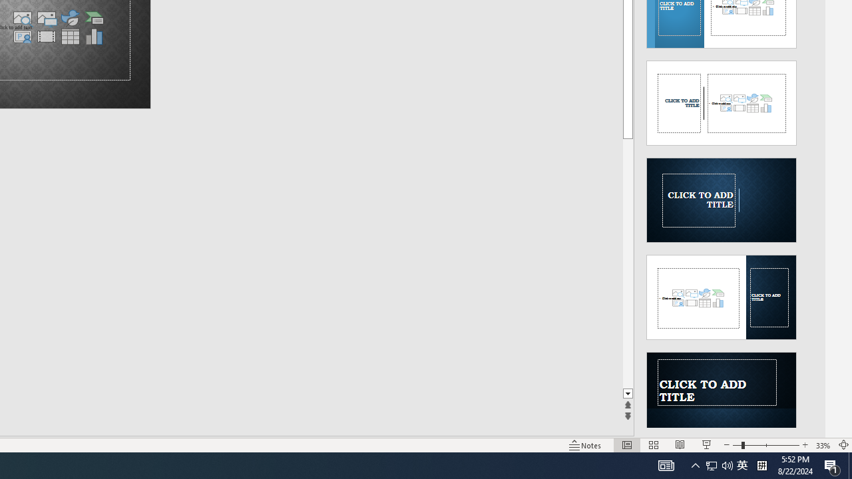  What do you see at coordinates (46, 18) in the screenshot?
I see `'Pictures'` at bounding box center [46, 18].